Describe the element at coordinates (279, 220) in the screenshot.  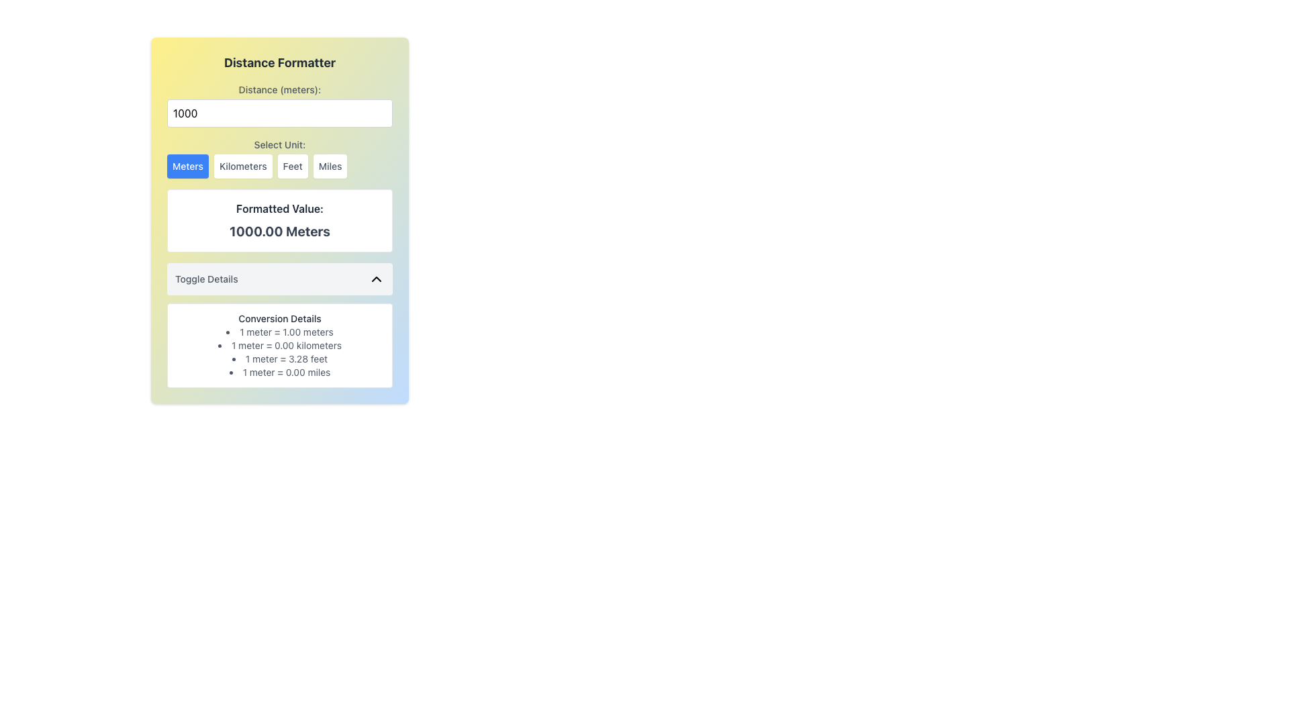
I see `the Display box that shows the formatted value of the entered distance, located below the 'Select Unit:' options and above the 'Toggle Details' section` at that location.